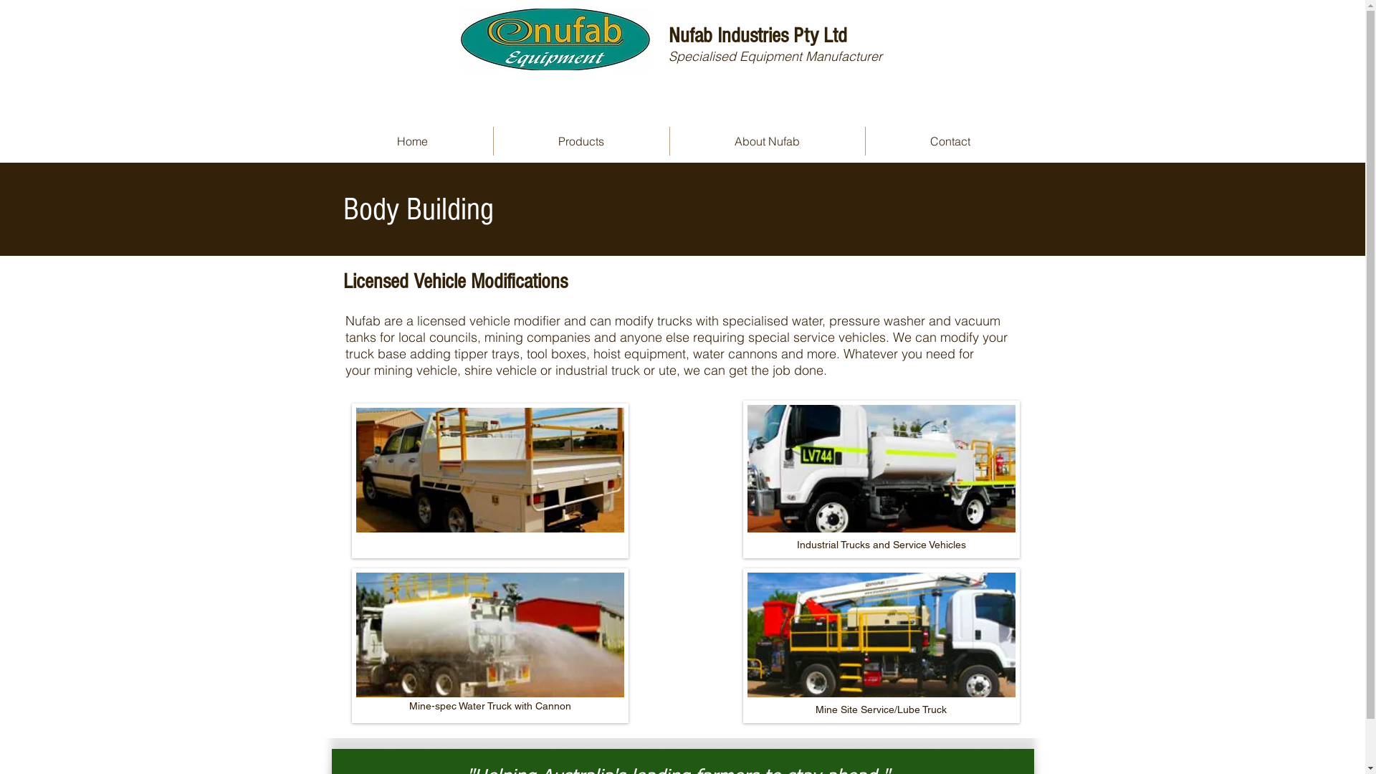 This screenshot has height=774, width=1376. What do you see at coordinates (666, 35) in the screenshot?
I see `'Nufab Industries Pty Ltd'` at bounding box center [666, 35].